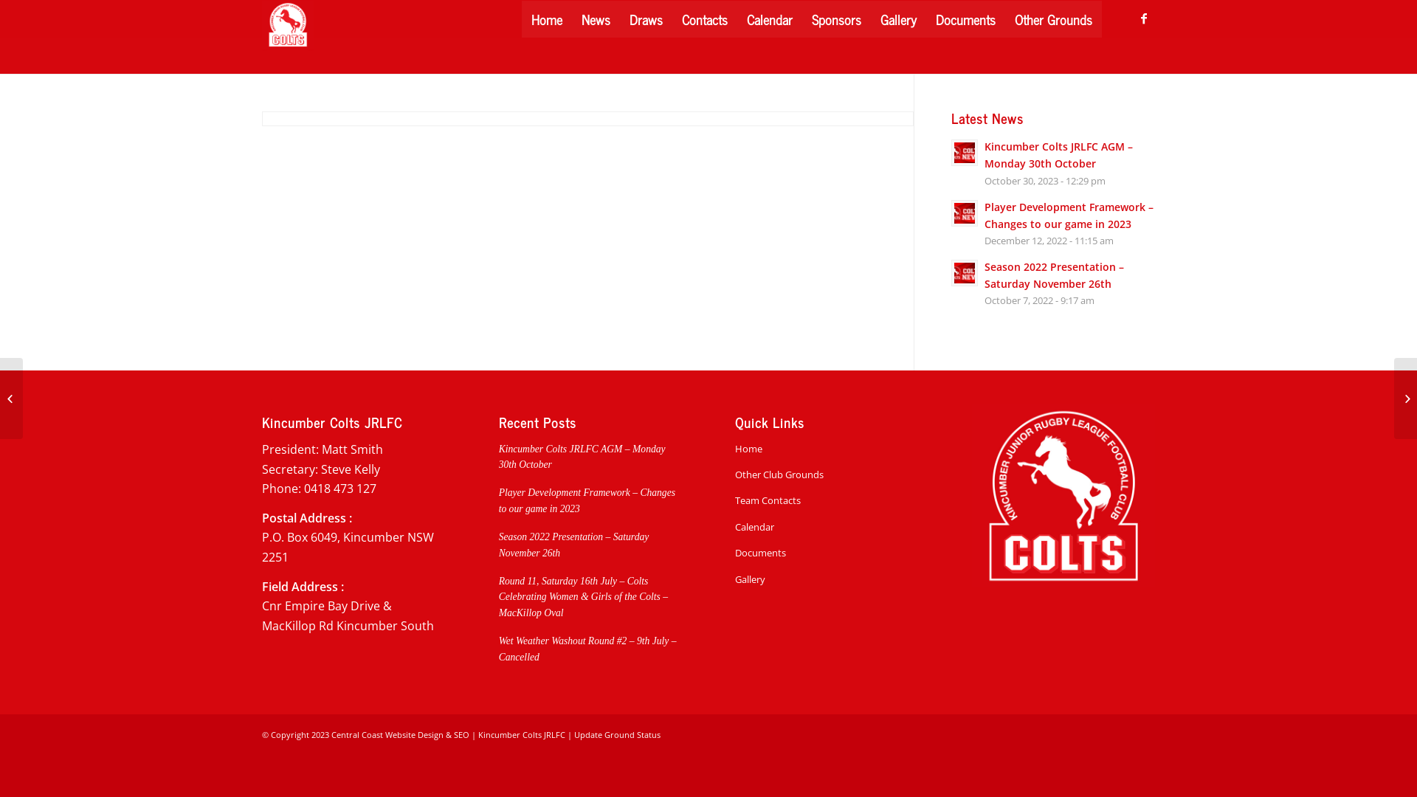 The image size is (1417, 797). I want to click on 'Other Grounds', so click(1052, 19).